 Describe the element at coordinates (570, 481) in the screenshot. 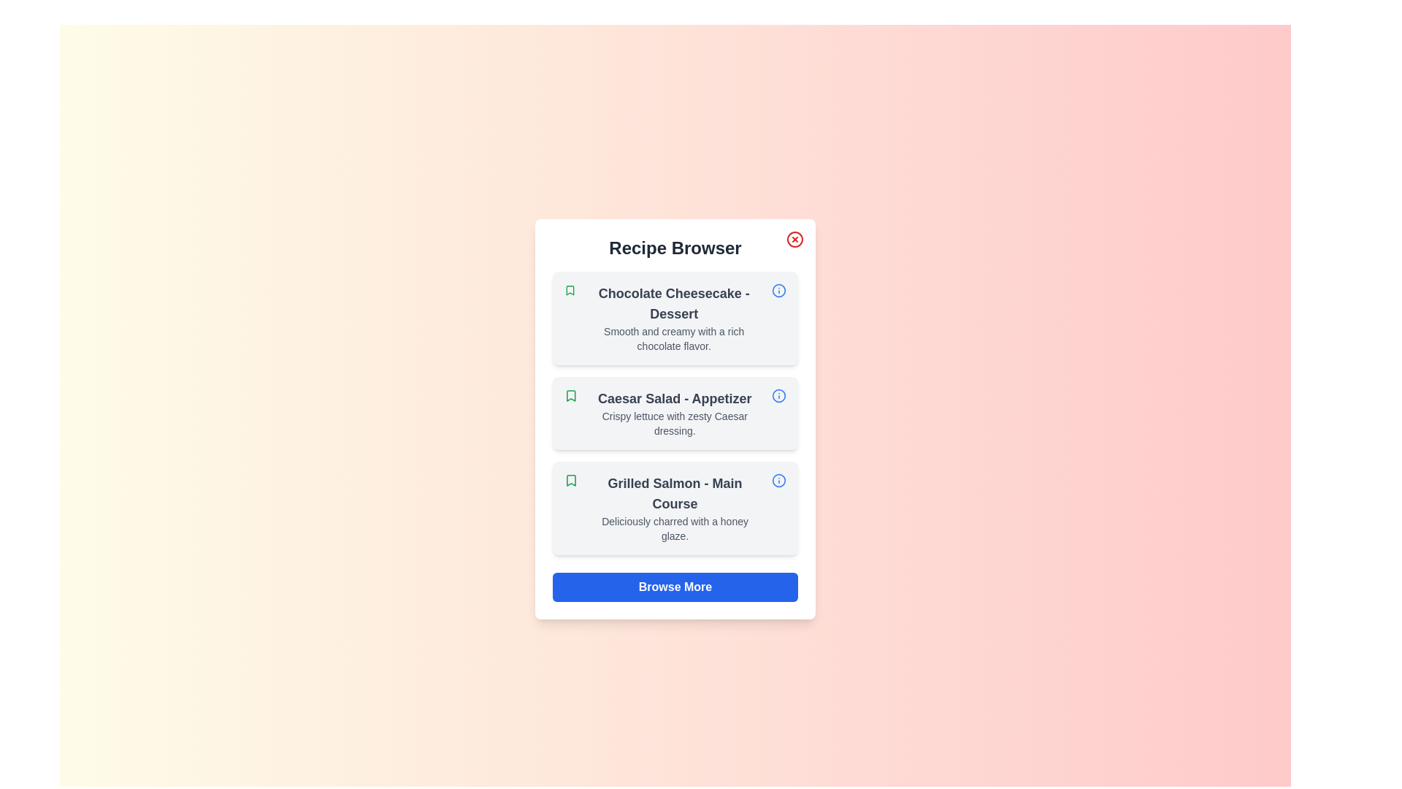

I see `the bookmark icon for the recipe titled 'Grilled Salmon'` at that location.